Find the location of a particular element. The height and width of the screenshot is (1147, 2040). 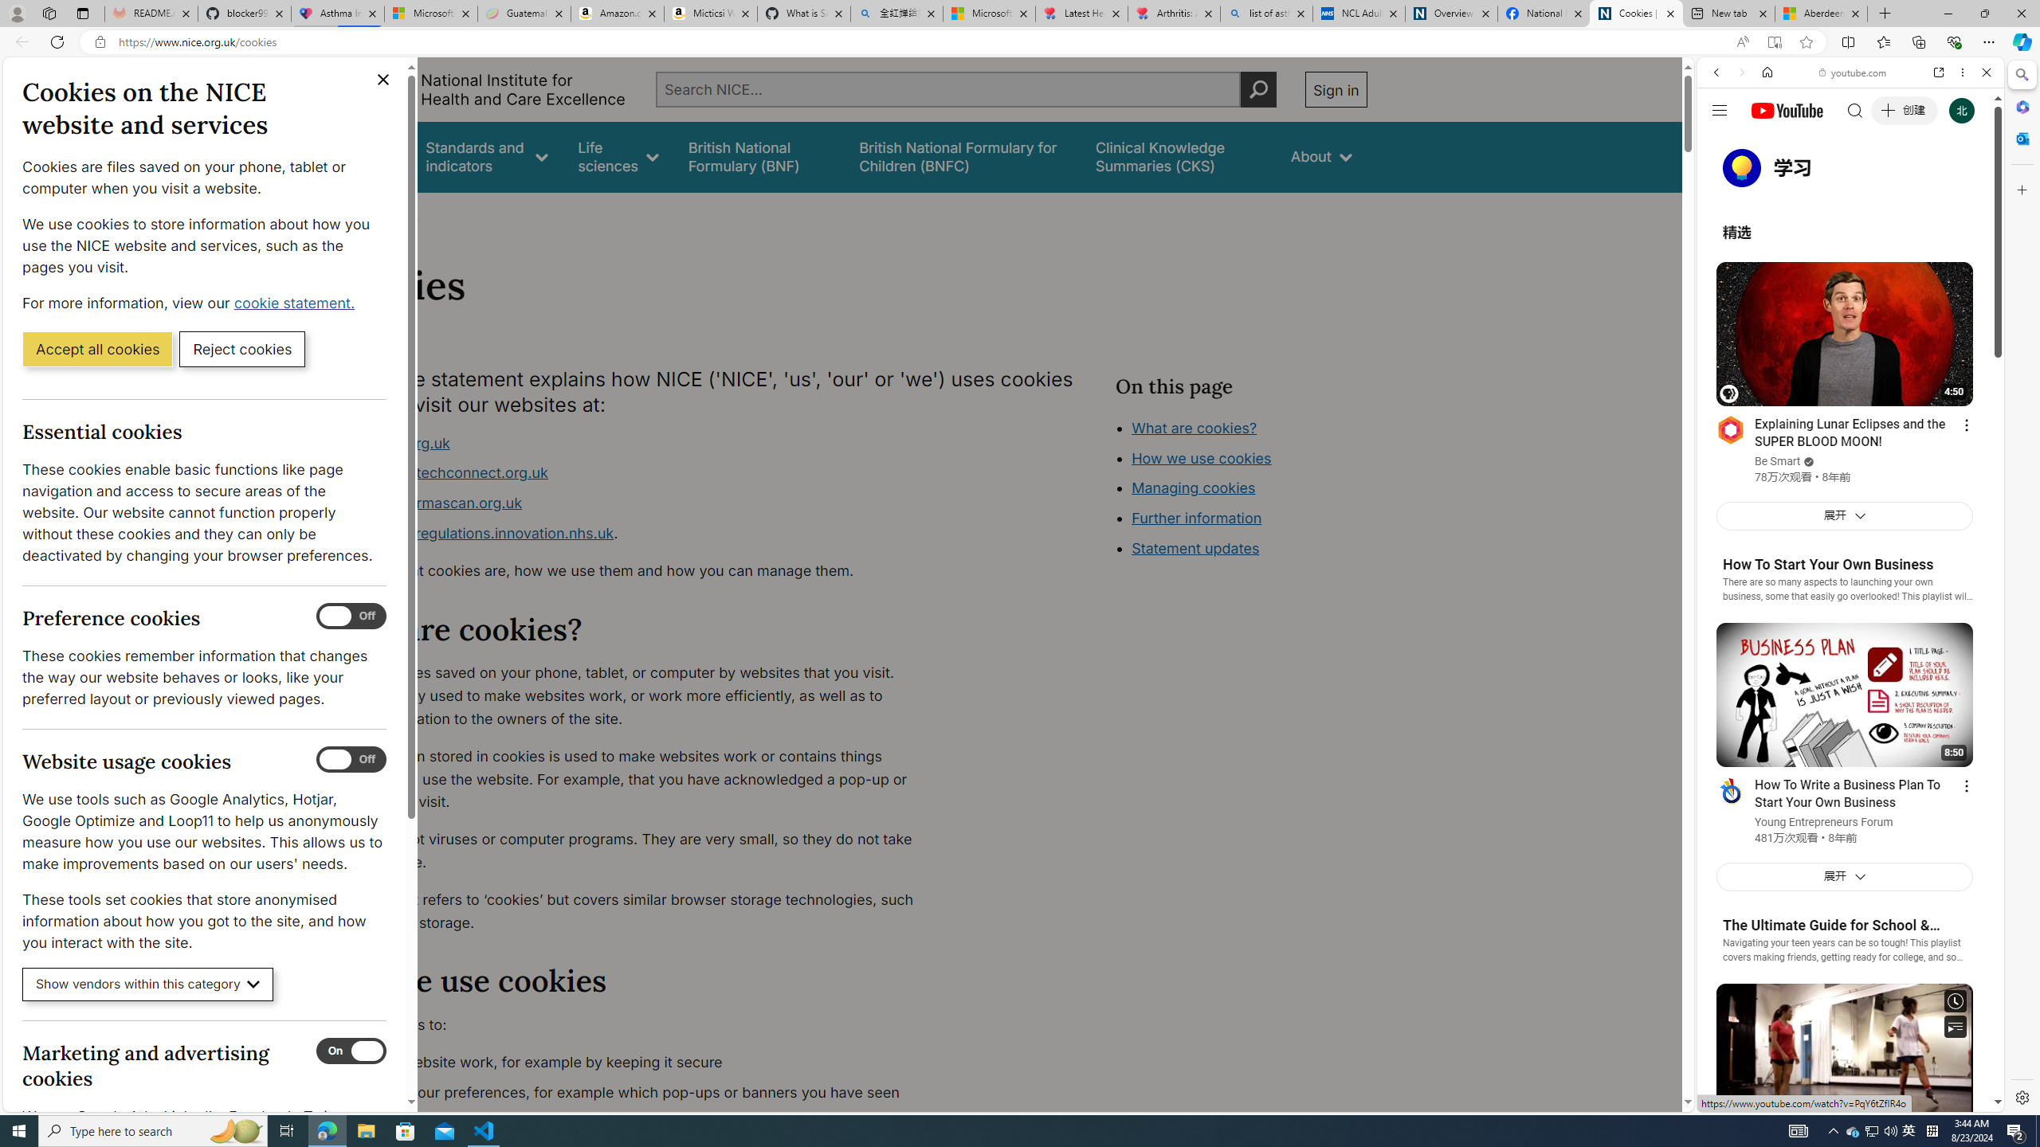

'Life sciences' is located at coordinates (617, 156).